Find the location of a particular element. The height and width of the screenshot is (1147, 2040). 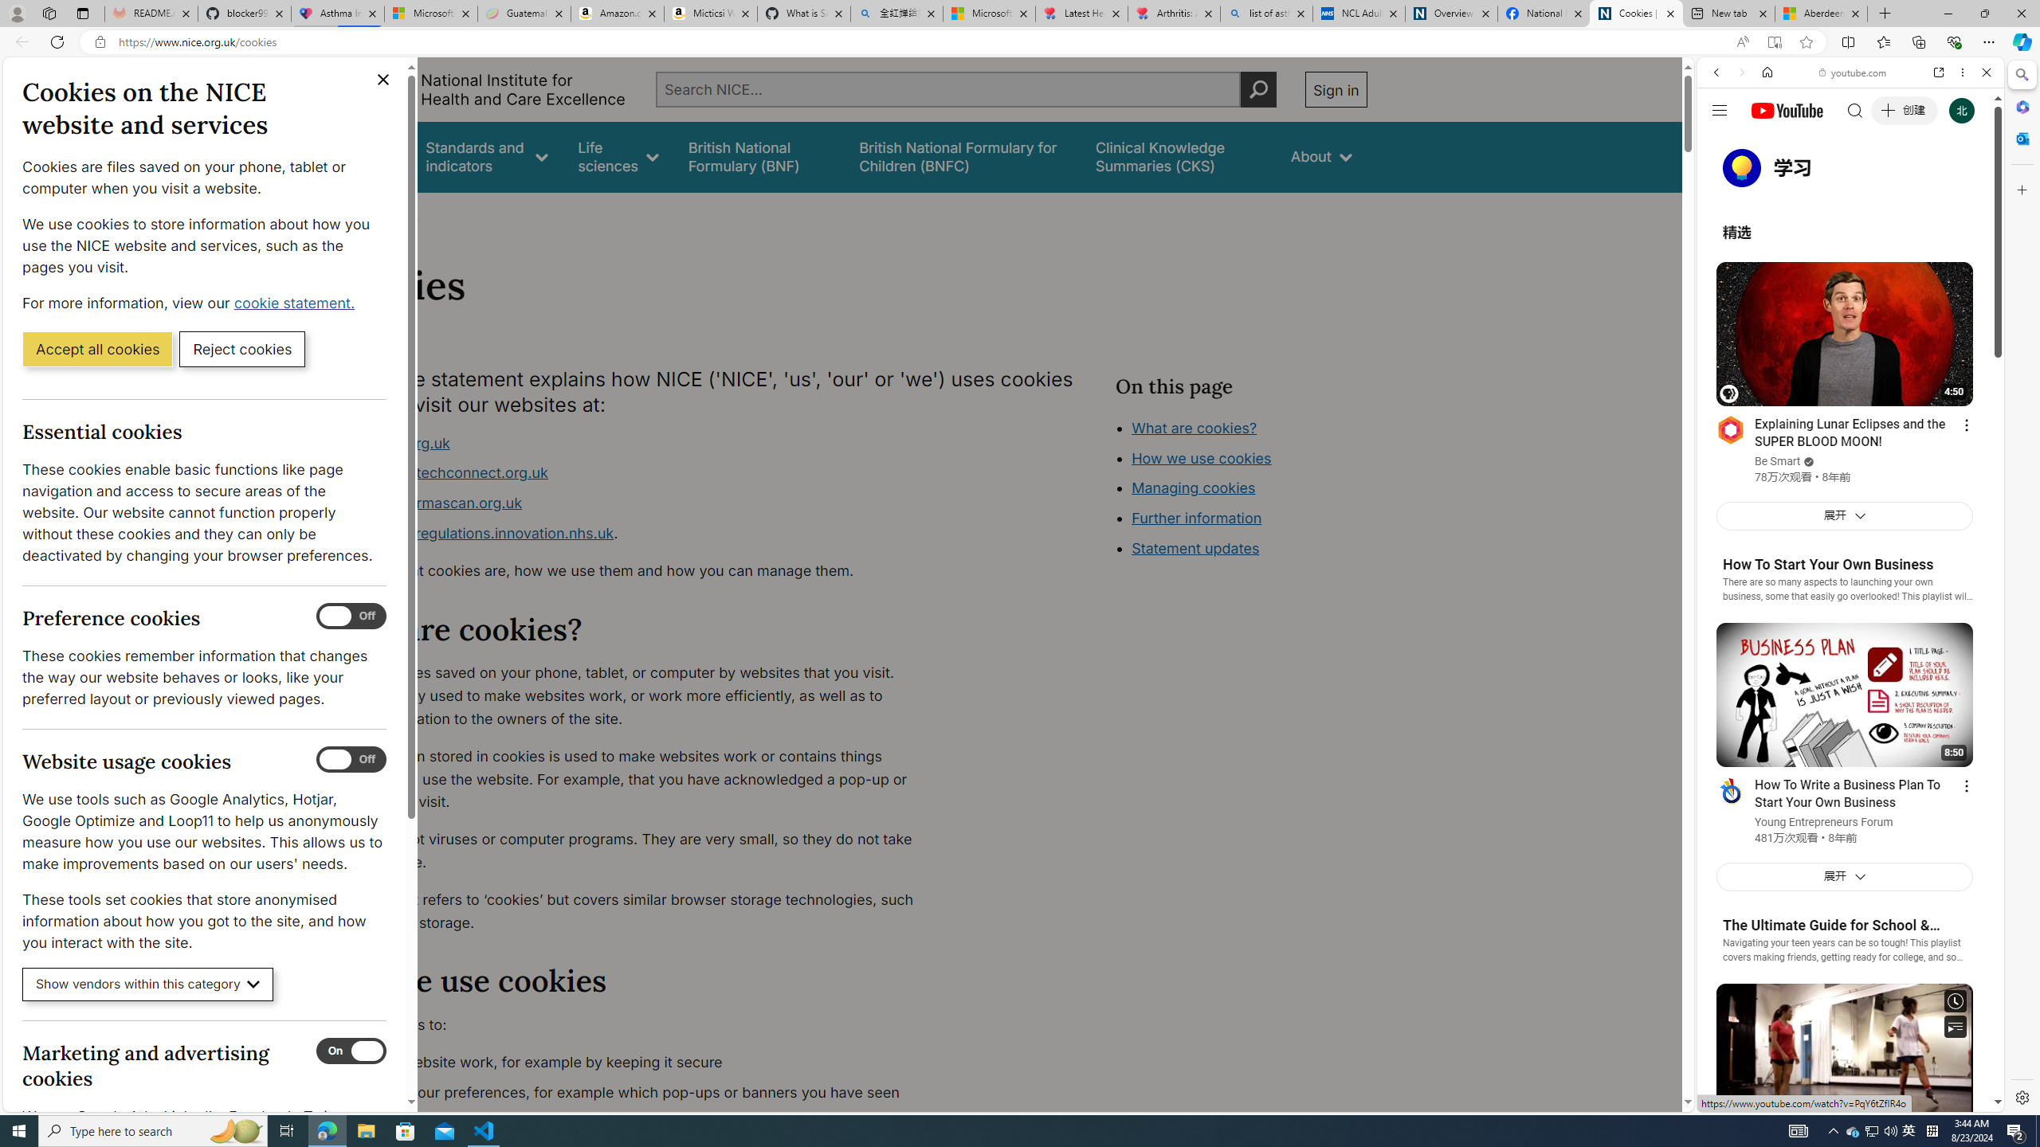

'Life sciences' is located at coordinates (617, 156).